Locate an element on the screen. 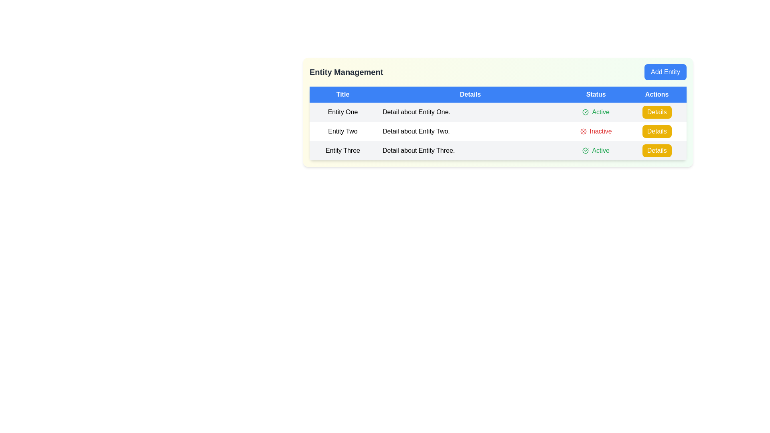  the 'Active' status label, which is displayed in green with a green checkmark icon, located in the 'Status' column of the table row labeled 'Entity Three' is located at coordinates (596, 150).